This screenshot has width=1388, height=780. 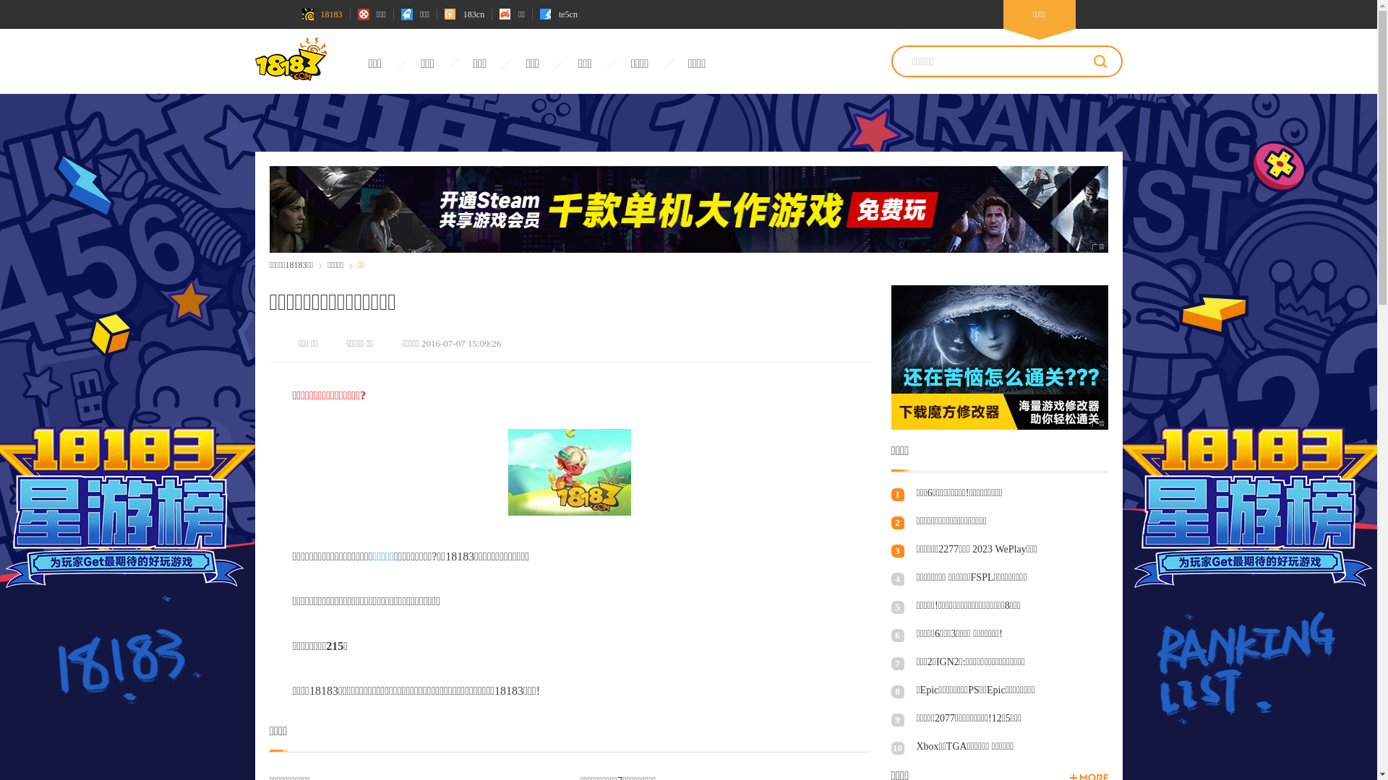 What do you see at coordinates (464, 14) in the screenshot?
I see `'183cn'` at bounding box center [464, 14].